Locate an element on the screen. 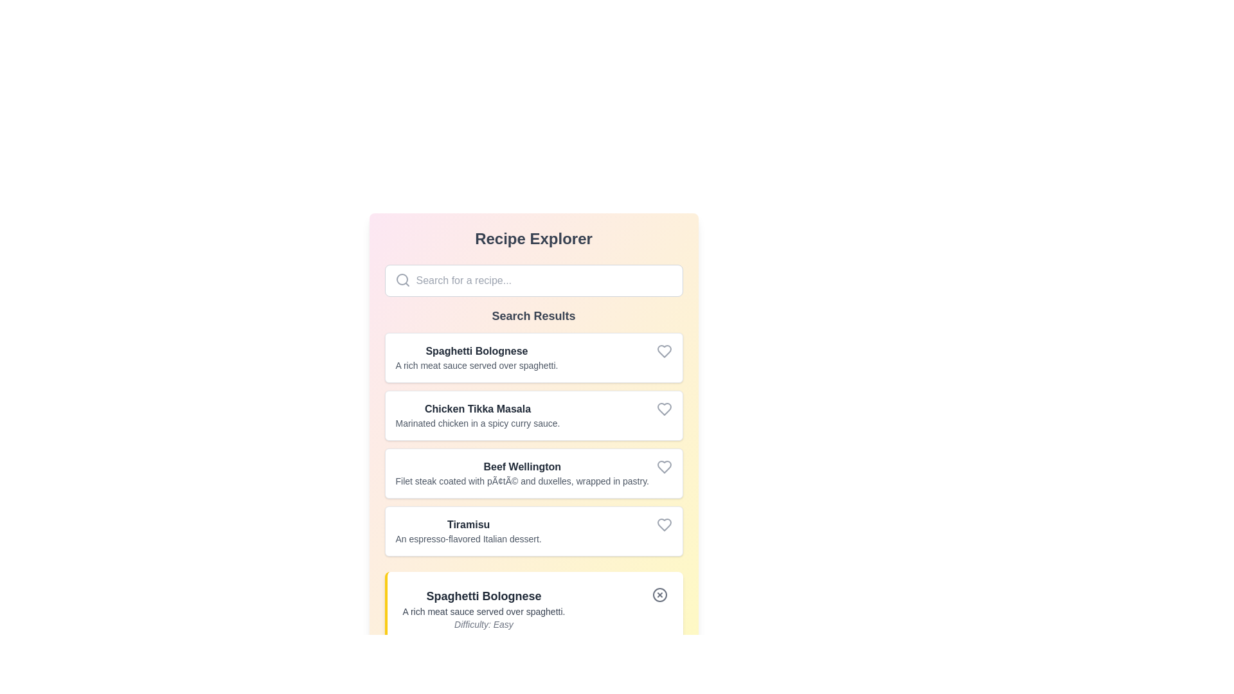 The width and height of the screenshot is (1234, 694). the recipe card for 'Spaghetti Bolognese', which is located at the bottom of the visible list of recipes and has a yellow border and white background is located at coordinates (535, 609).